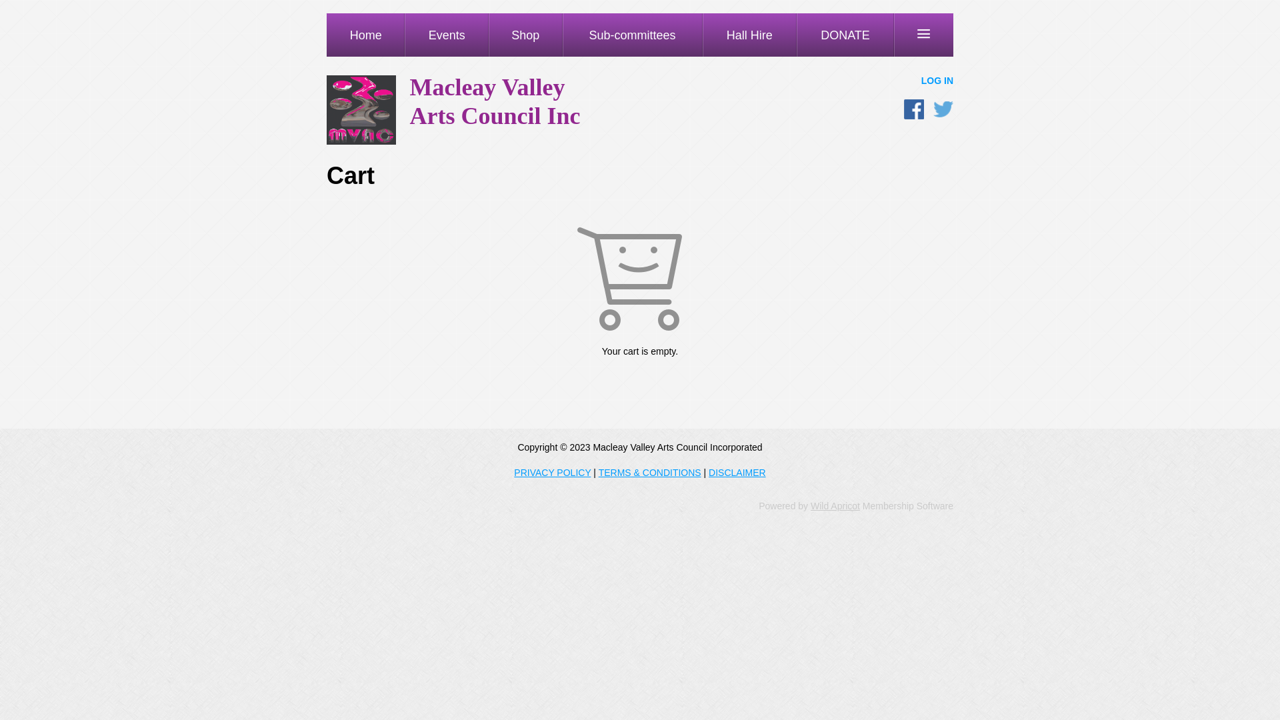 Image resolution: width=1280 pixels, height=720 pixels. Describe the element at coordinates (943, 109) in the screenshot. I see `'Twitter'` at that location.